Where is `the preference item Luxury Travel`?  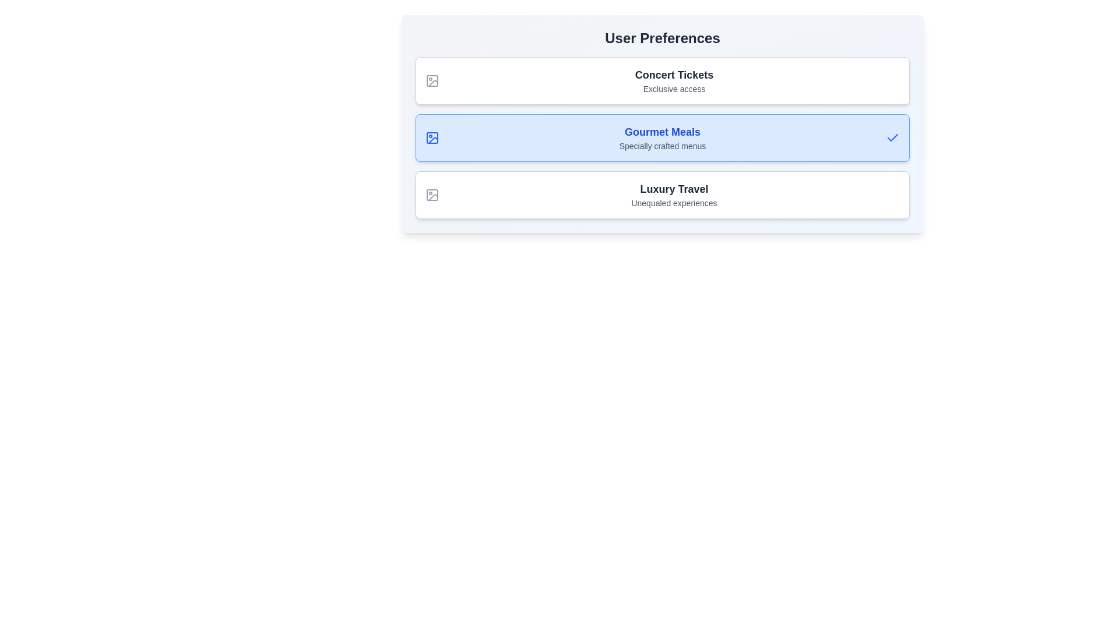
the preference item Luxury Travel is located at coordinates (663, 195).